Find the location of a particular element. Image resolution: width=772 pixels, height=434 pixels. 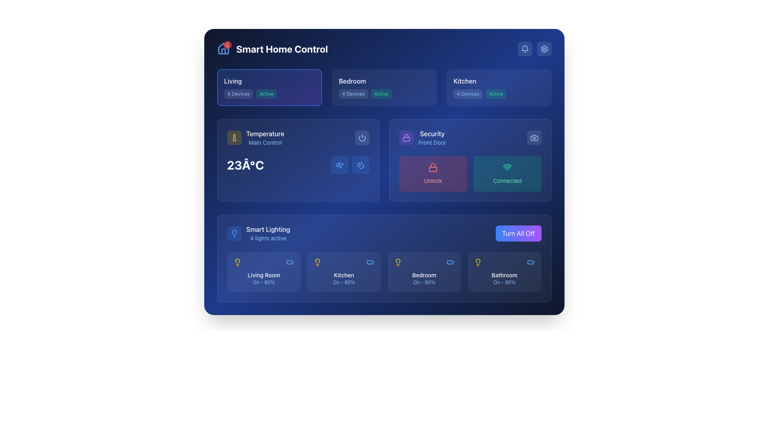

the house-shaped icon with a triangular roof located in the top-left corner of the interface near the title text 'Smart Home Control.' is located at coordinates (223, 49).